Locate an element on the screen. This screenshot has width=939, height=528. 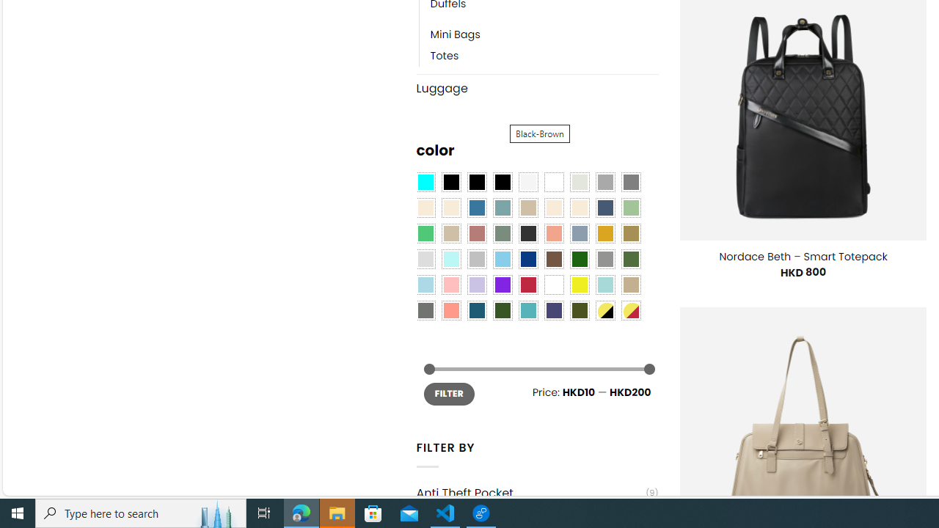
'Teal' is located at coordinates (528, 310).